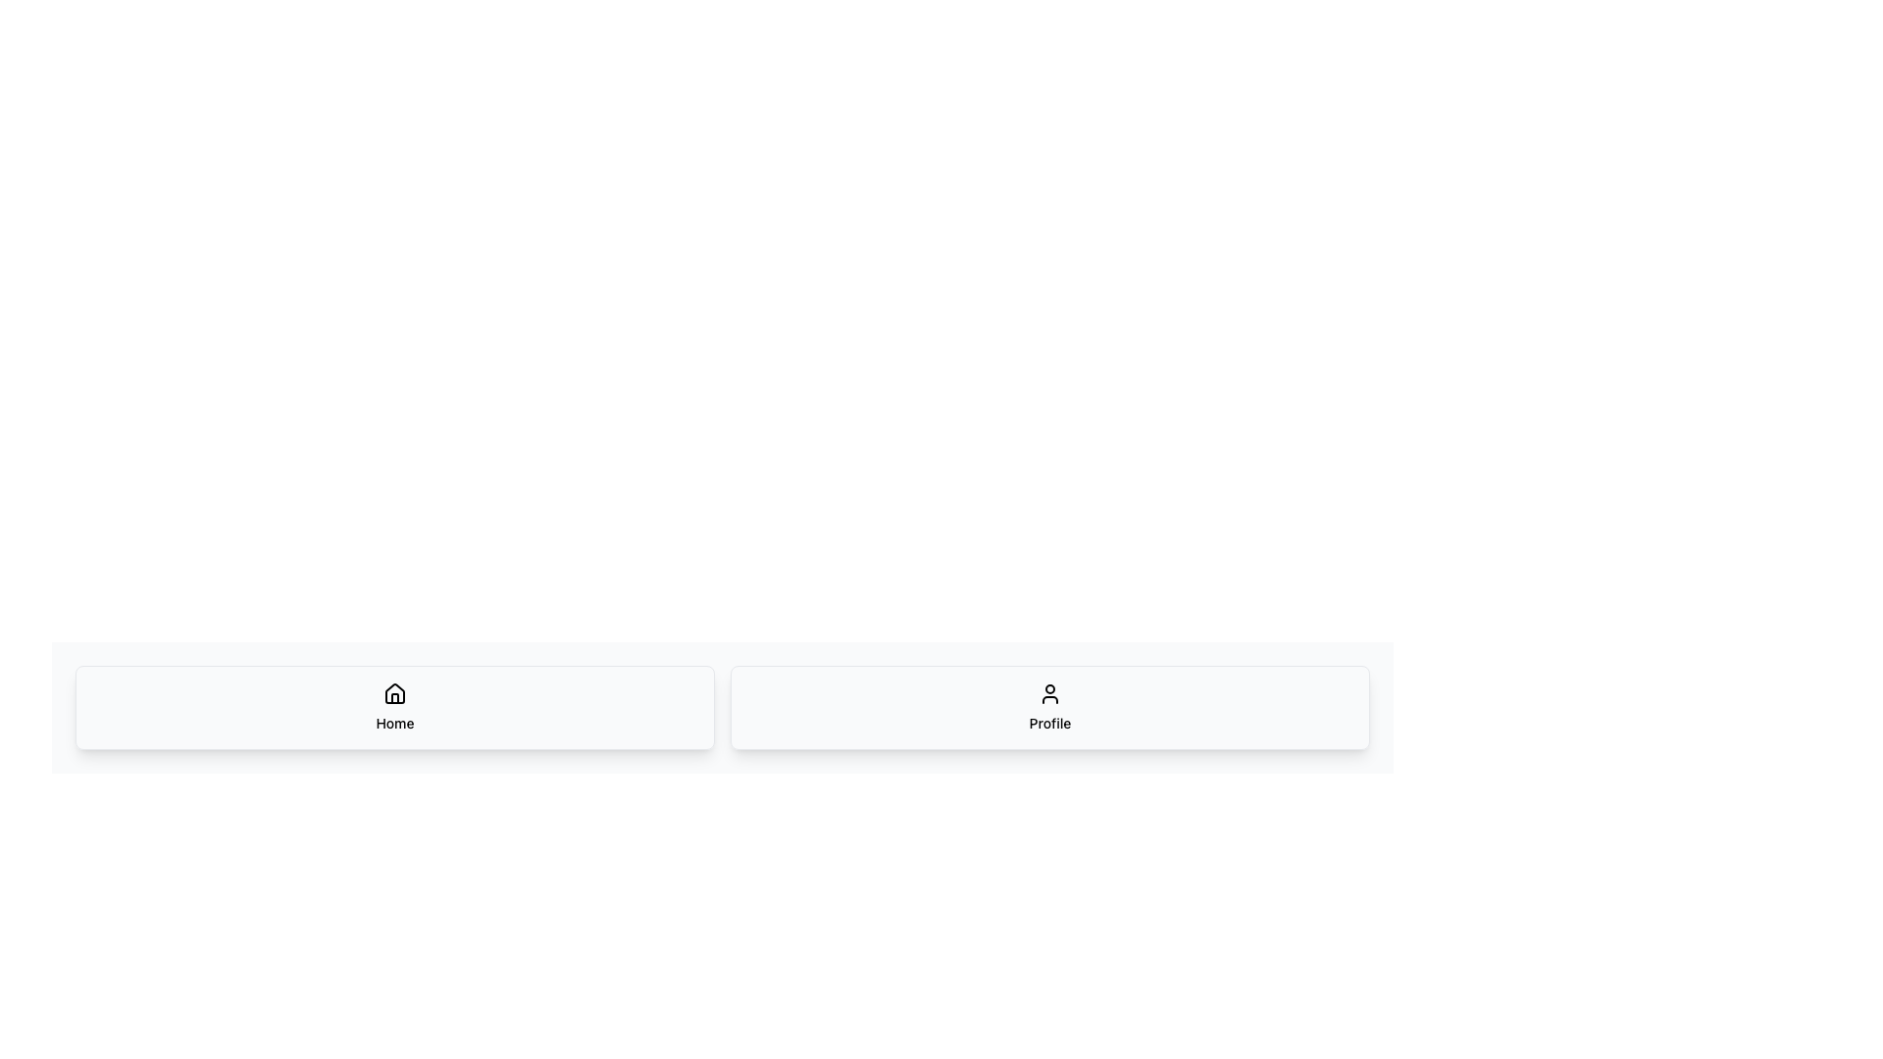  Describe the element at coordinates (394, 707) in the screenshot. I see `the 'Home' composite element which consists of a house icon above the text label 'Home', located in the first card of a horizontally-aligned group` at that location.